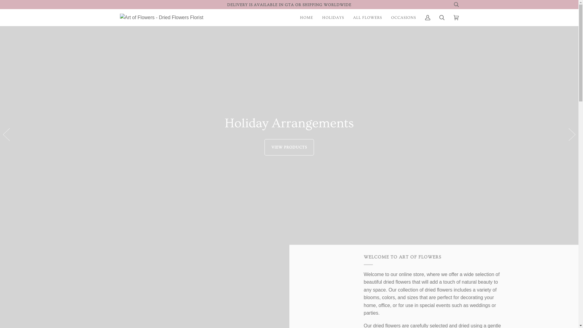 Image resolution: width=583 pixels, height=328 pixels. What do you see at coordinates (403, 17) in the screenshot?
I see `'OCCASIONS'` at bounding box center [403, 17].